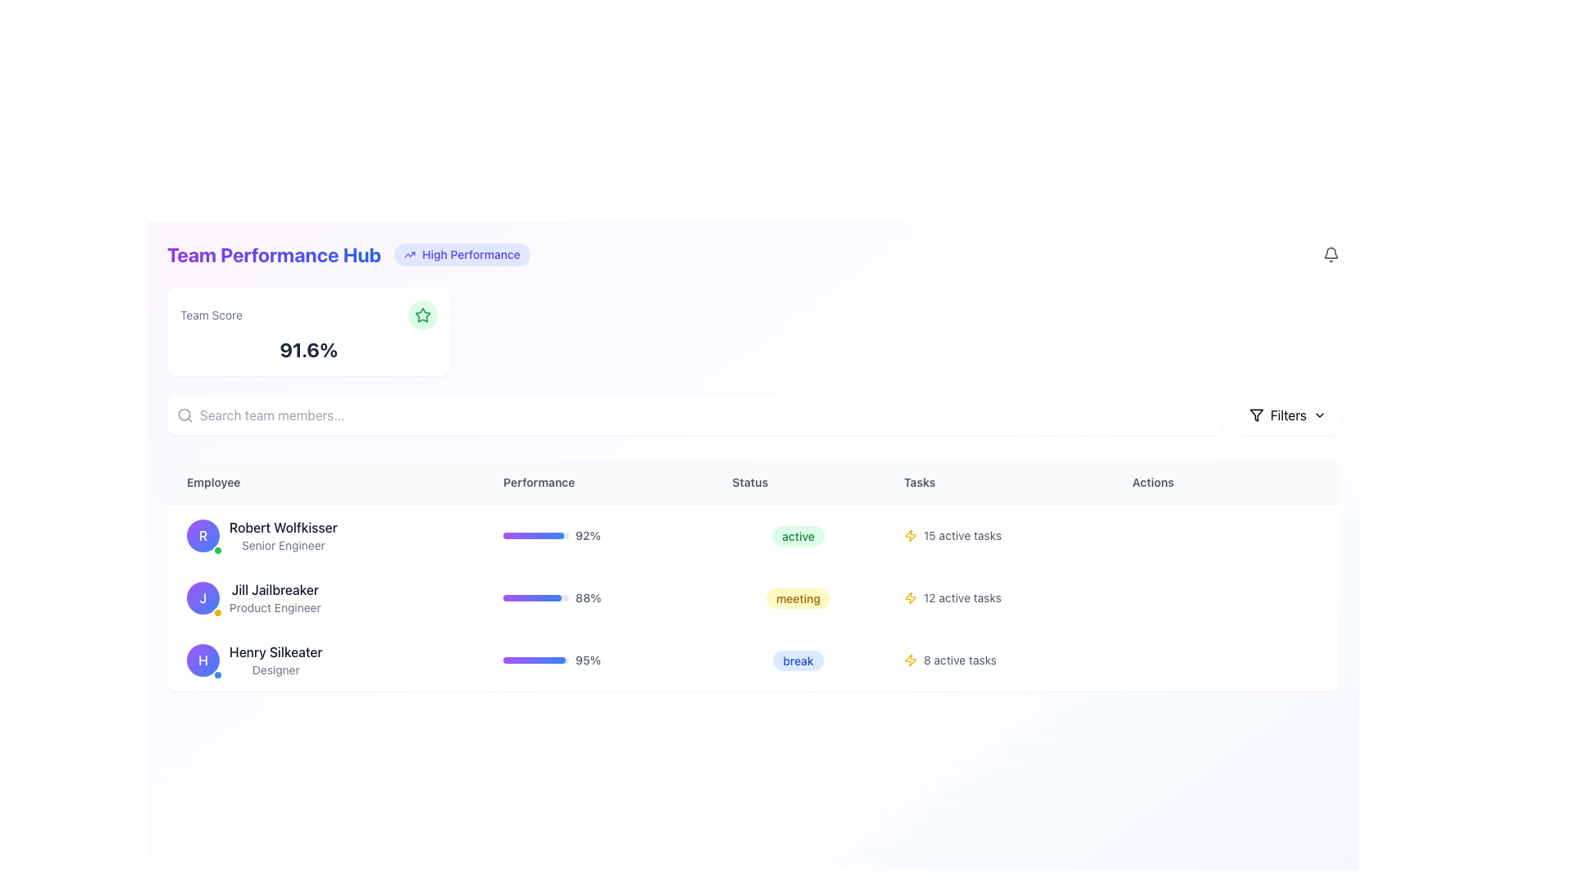 The width and height of the screenshot is (1574, 885). I want to click on the text element displaying '12 active tasks' with a yellow lightning bolt icon, located in the 'Tasks' column of the second row of the table, so click(998, 597).